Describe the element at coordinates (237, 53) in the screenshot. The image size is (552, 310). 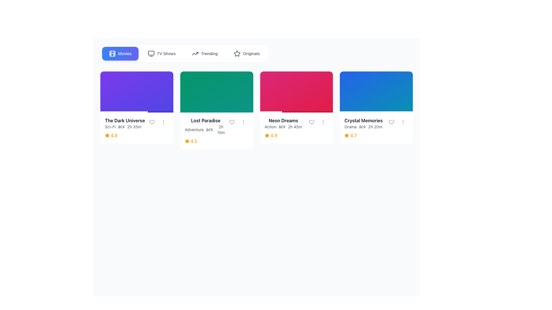
I see `the star icon in the navigation menu` at that location.